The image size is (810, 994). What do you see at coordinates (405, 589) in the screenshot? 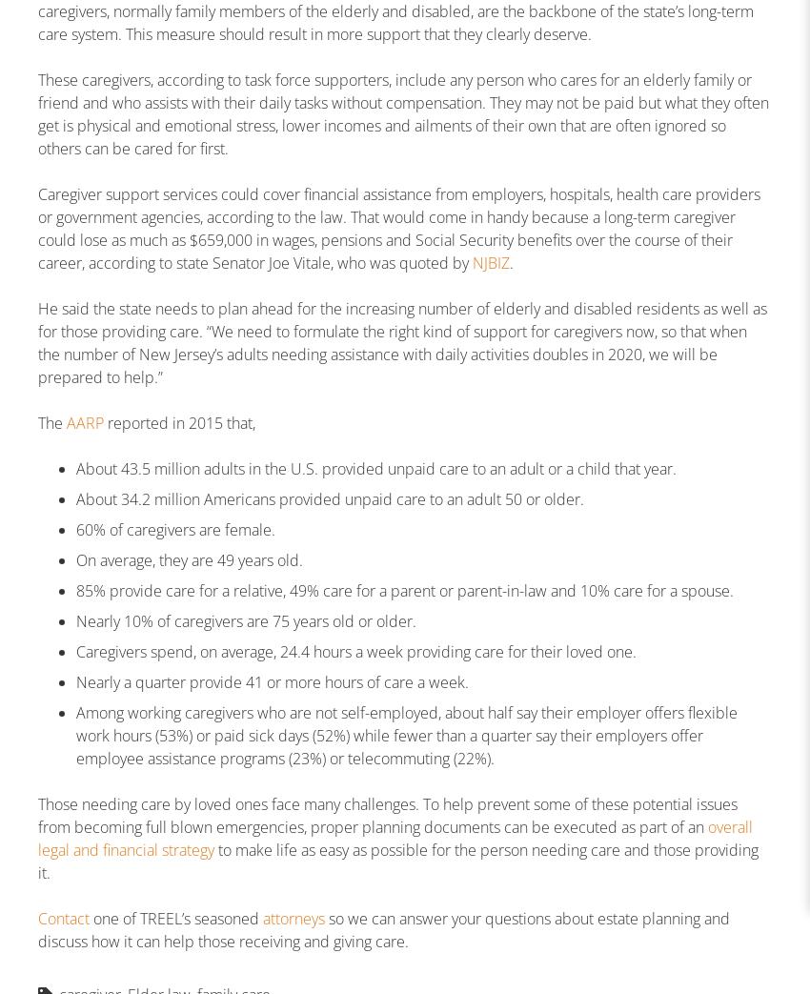
I see `'85% provide care for a relative, 49% care for a parent or parent-in-law and 10% care for a spouse.'` at bounding box center [405, 589].